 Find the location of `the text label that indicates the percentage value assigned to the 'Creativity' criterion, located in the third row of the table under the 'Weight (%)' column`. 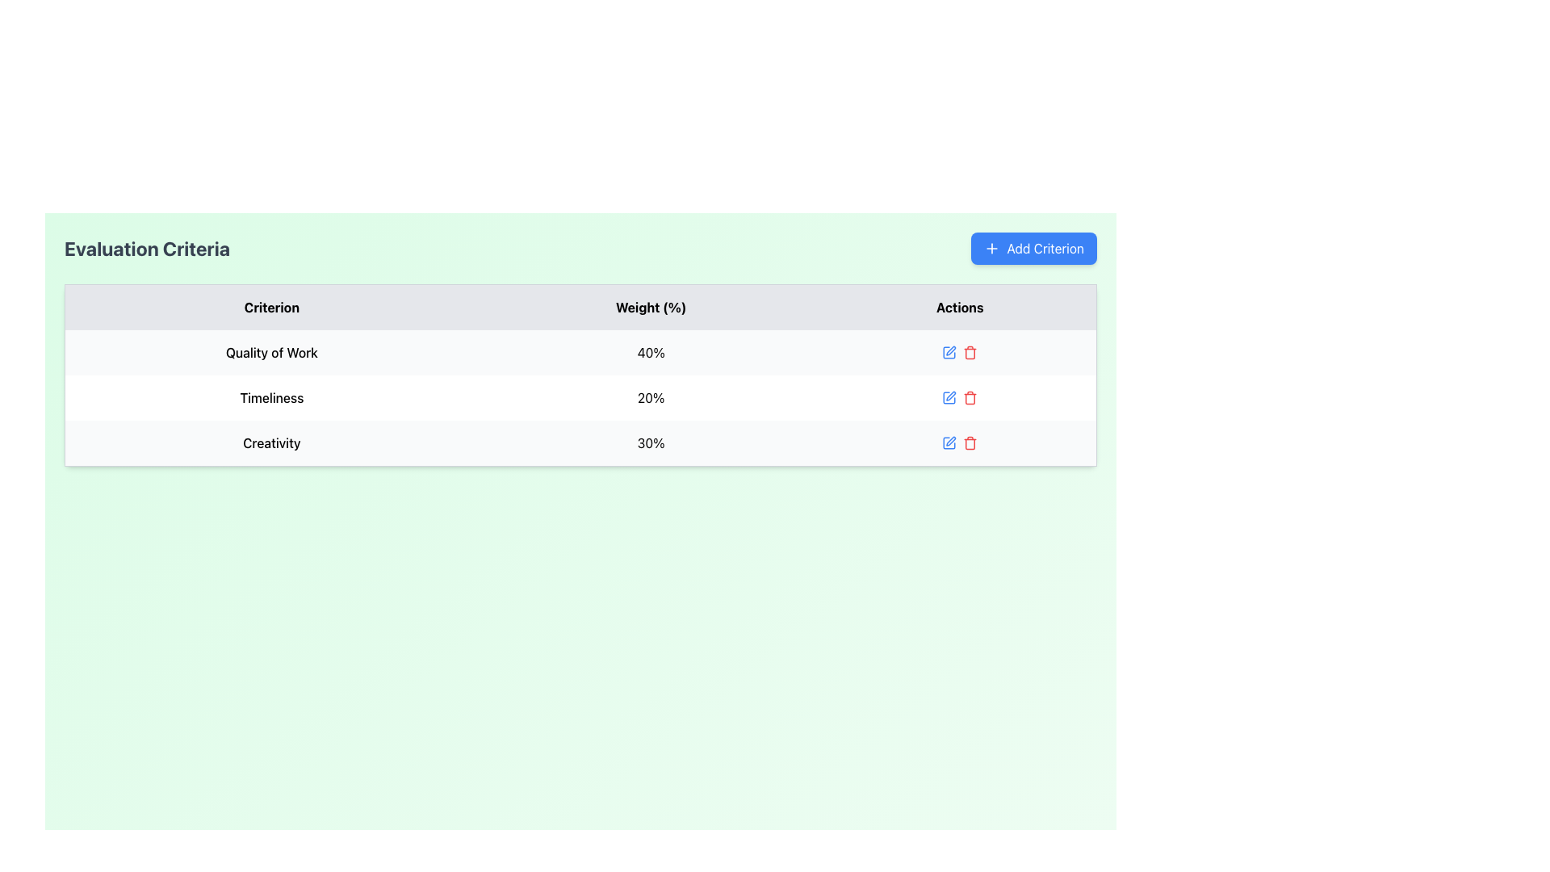

the text label that indicates the percentage value assigned to the 'Creativity' criterion, located in the third row of the table under the 'Weight (%)' column is located at coordinates (651, 443).